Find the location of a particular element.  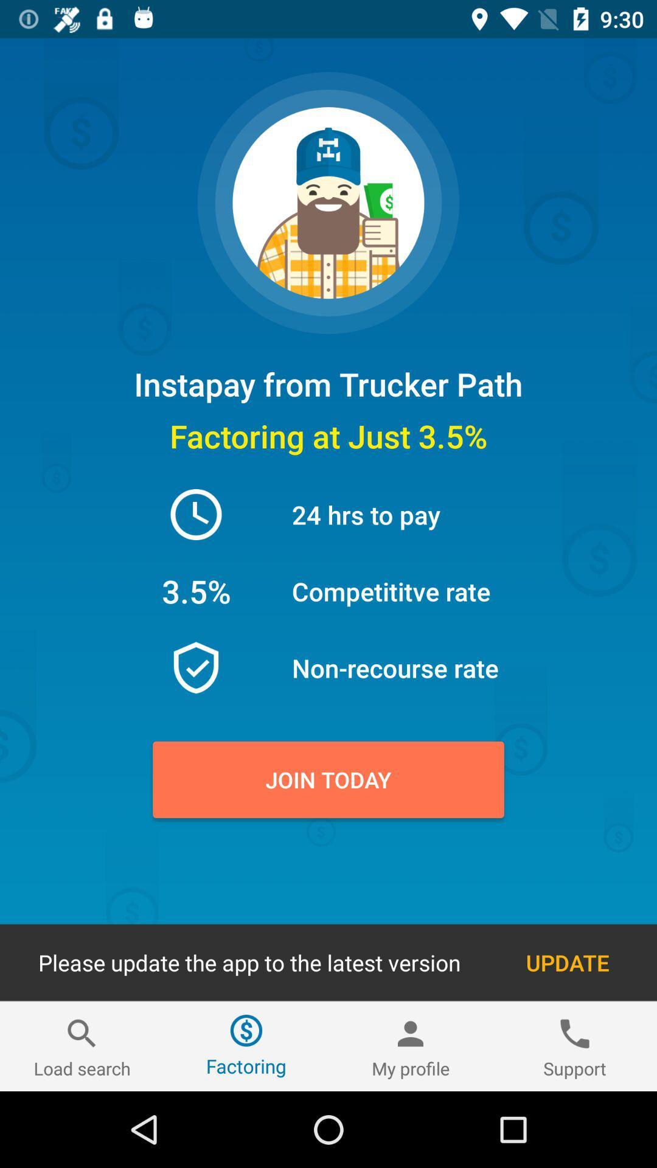

the icon above update is located at coordinates (328, 779).